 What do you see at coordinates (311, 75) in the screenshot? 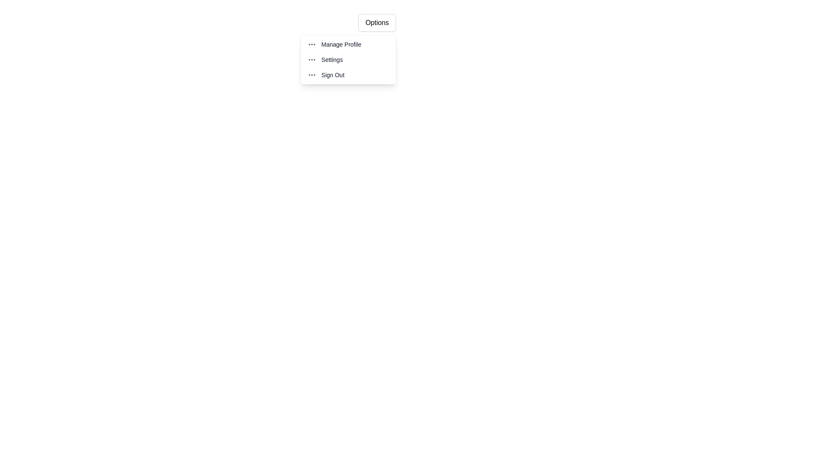
I see `the gray icon with three horizontally-aligned dots, which is positioned to the left of the 'Sign Out' text label` at bounding box center [311, 75].